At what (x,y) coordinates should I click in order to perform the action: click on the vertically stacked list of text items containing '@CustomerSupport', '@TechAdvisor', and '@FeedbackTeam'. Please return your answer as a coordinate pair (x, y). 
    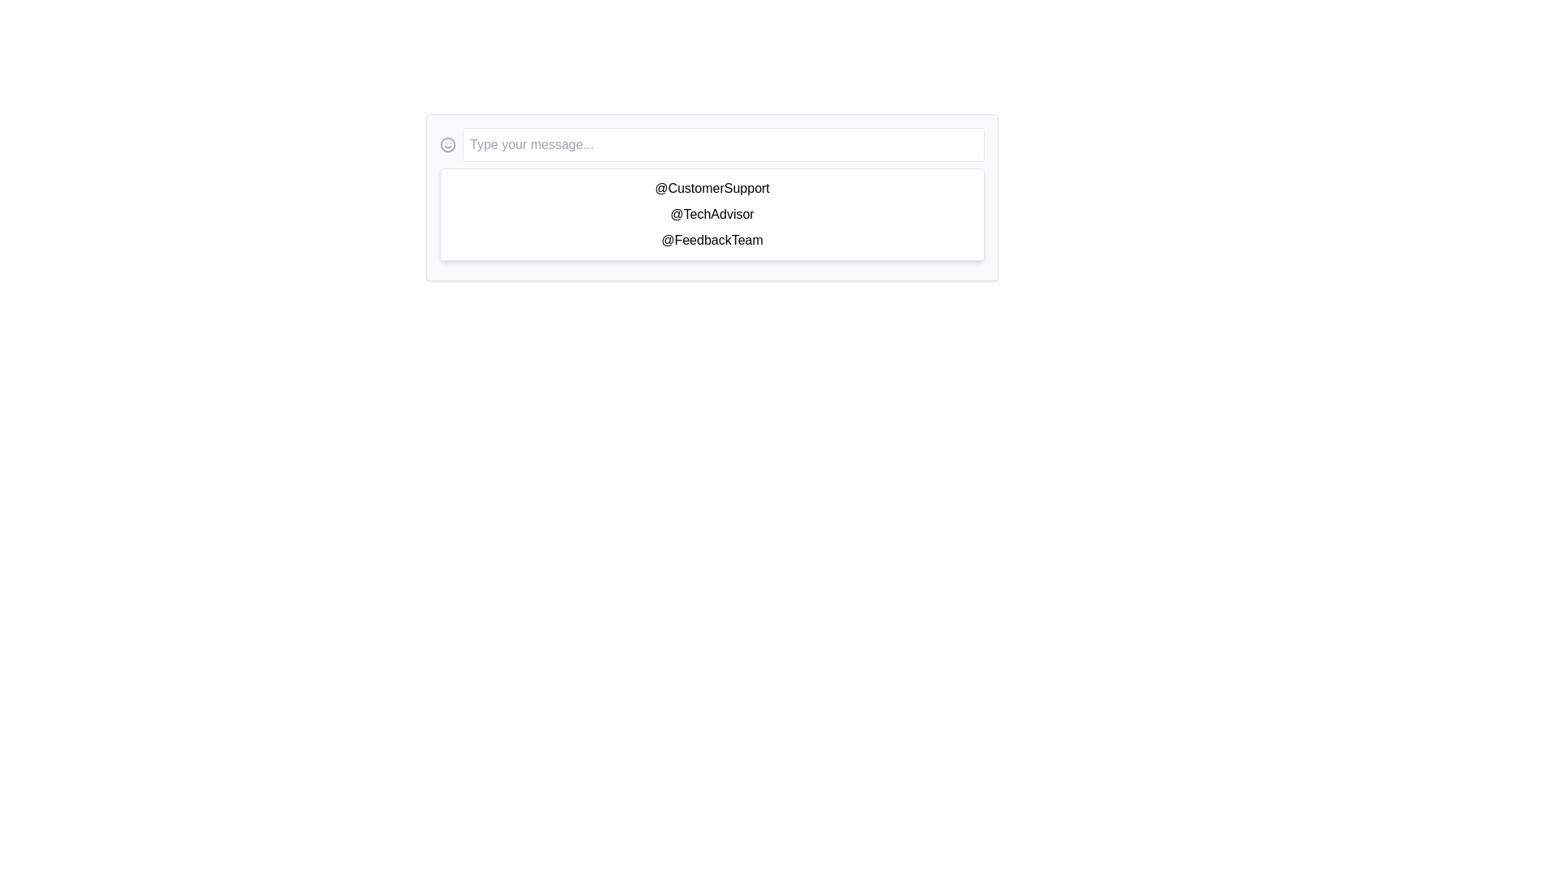
    Looking at the image, I should click on (712, 214).